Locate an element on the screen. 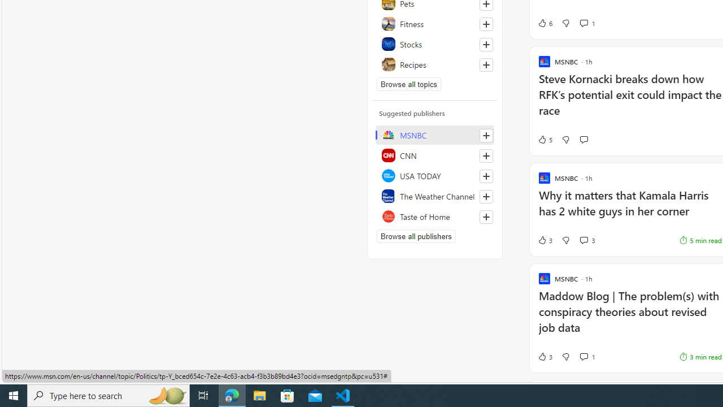 Image resolution: width=723 pixels, height=407 pixels. 'Browse all publishers' is located at coordinates (415, 235).